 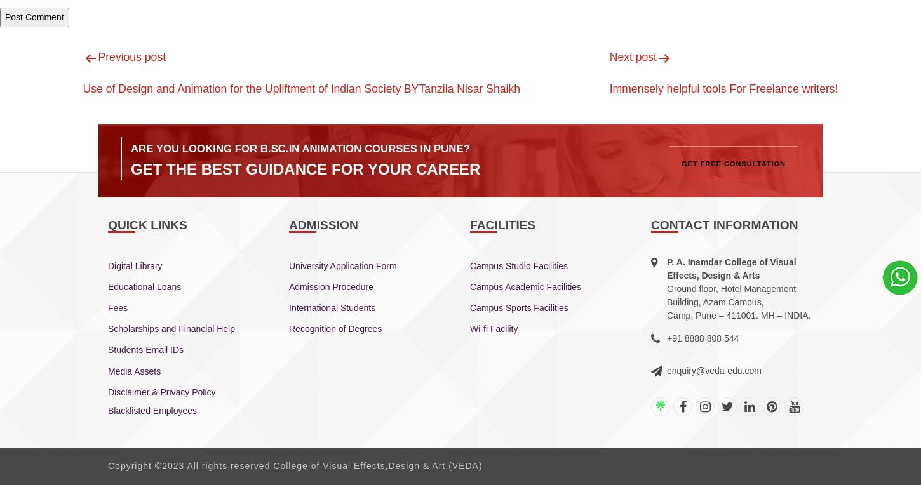 What do you see at coordinates (147, 225) in the screenshot?
I see `'QUICK LINKS'` at bounding box center [147, 225].